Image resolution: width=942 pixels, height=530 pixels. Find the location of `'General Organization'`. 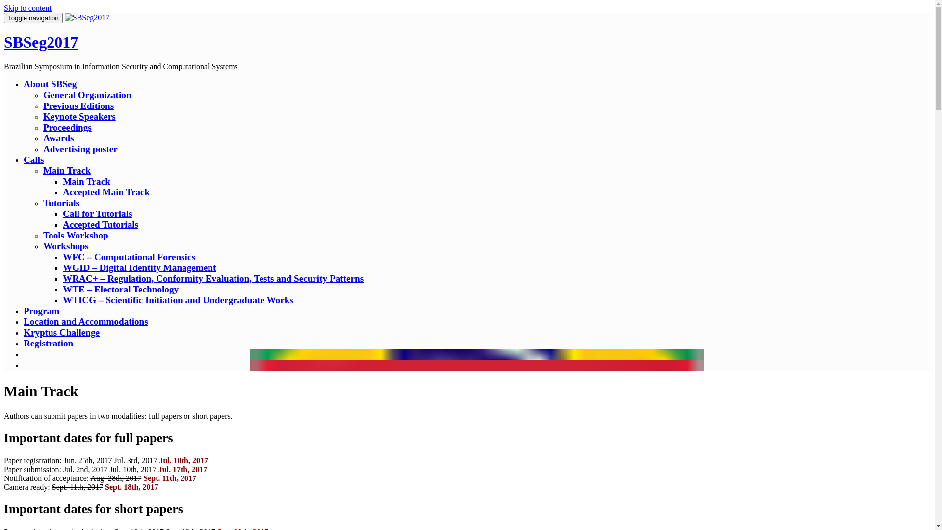

'General Organization' is located at coordinates (87, 95).